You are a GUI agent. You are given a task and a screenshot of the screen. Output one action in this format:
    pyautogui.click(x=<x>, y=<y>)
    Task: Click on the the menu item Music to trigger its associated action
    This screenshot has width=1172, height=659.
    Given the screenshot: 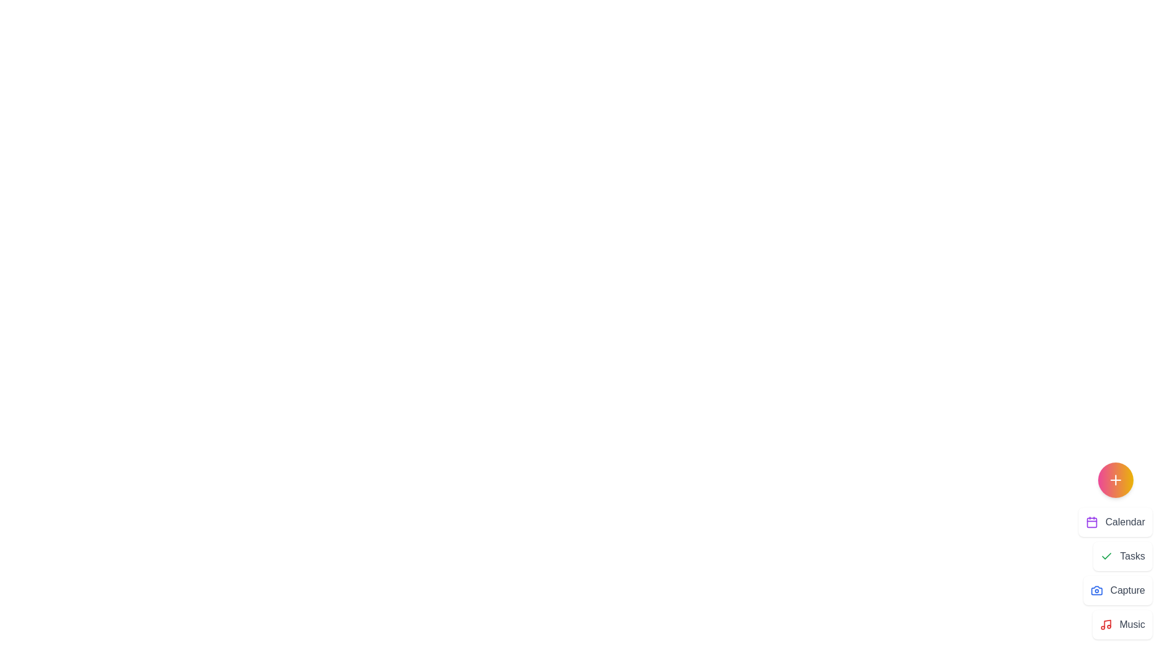 What is the action you would take?
    pyautogui.click(x=1123, y=624)
    